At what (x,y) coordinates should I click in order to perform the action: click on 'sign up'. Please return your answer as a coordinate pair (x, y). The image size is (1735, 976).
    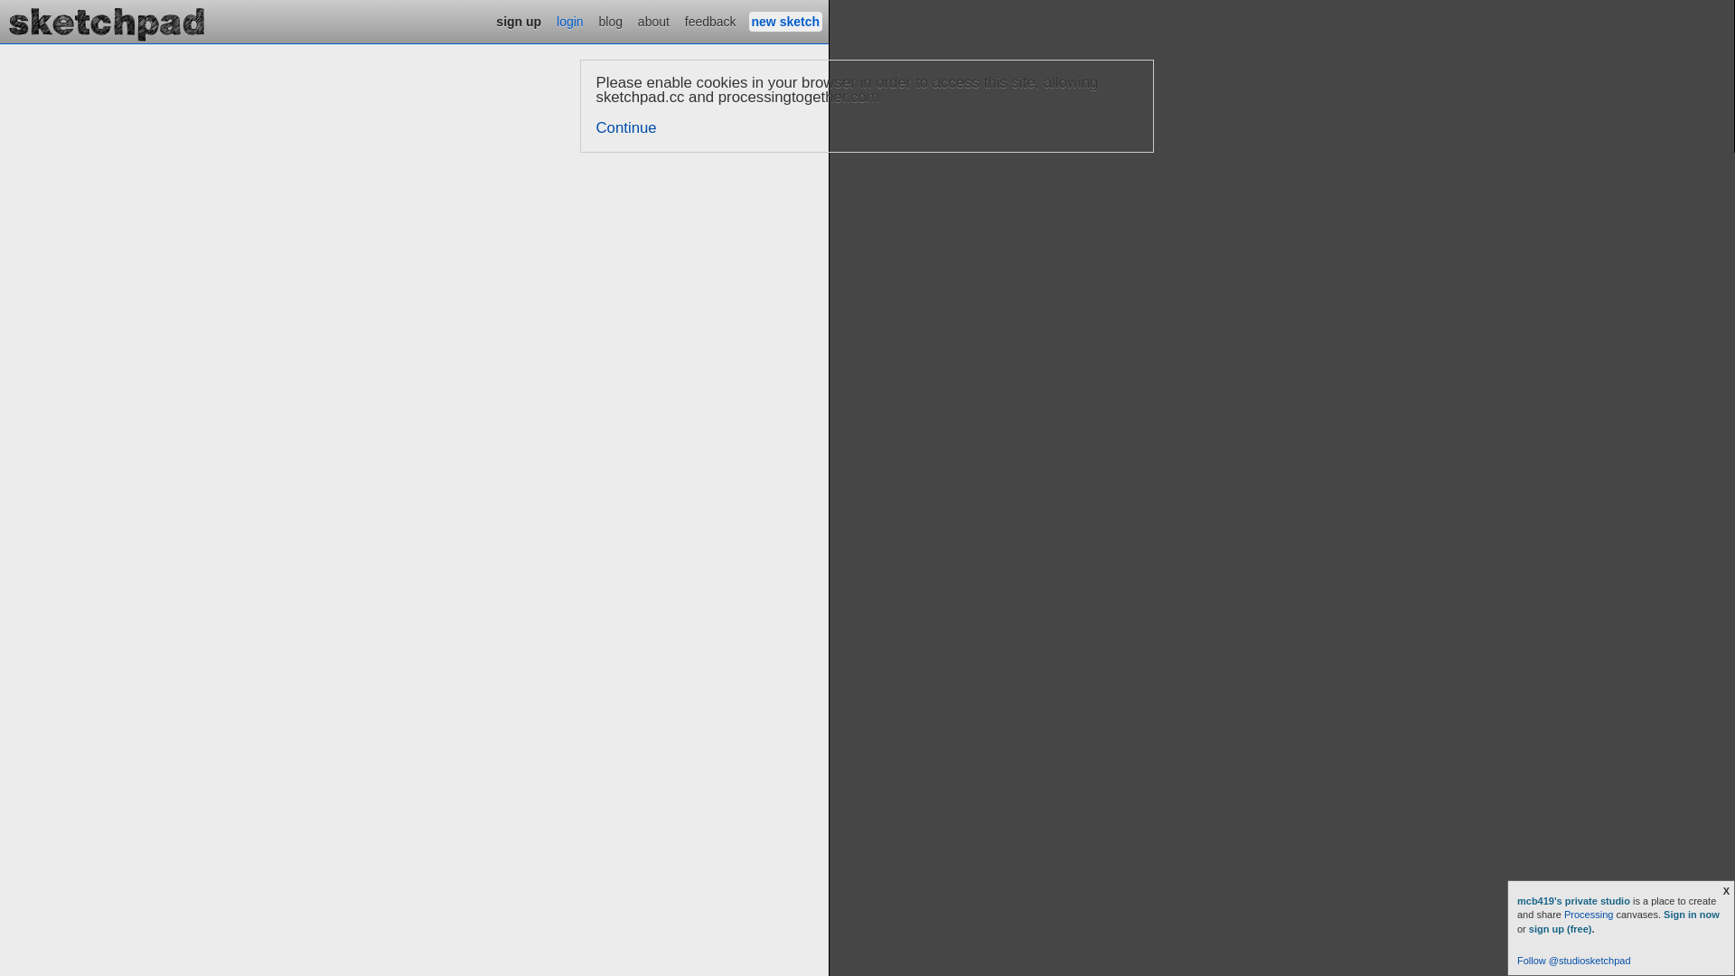
    Looking at the image, I should click on (518, 21).